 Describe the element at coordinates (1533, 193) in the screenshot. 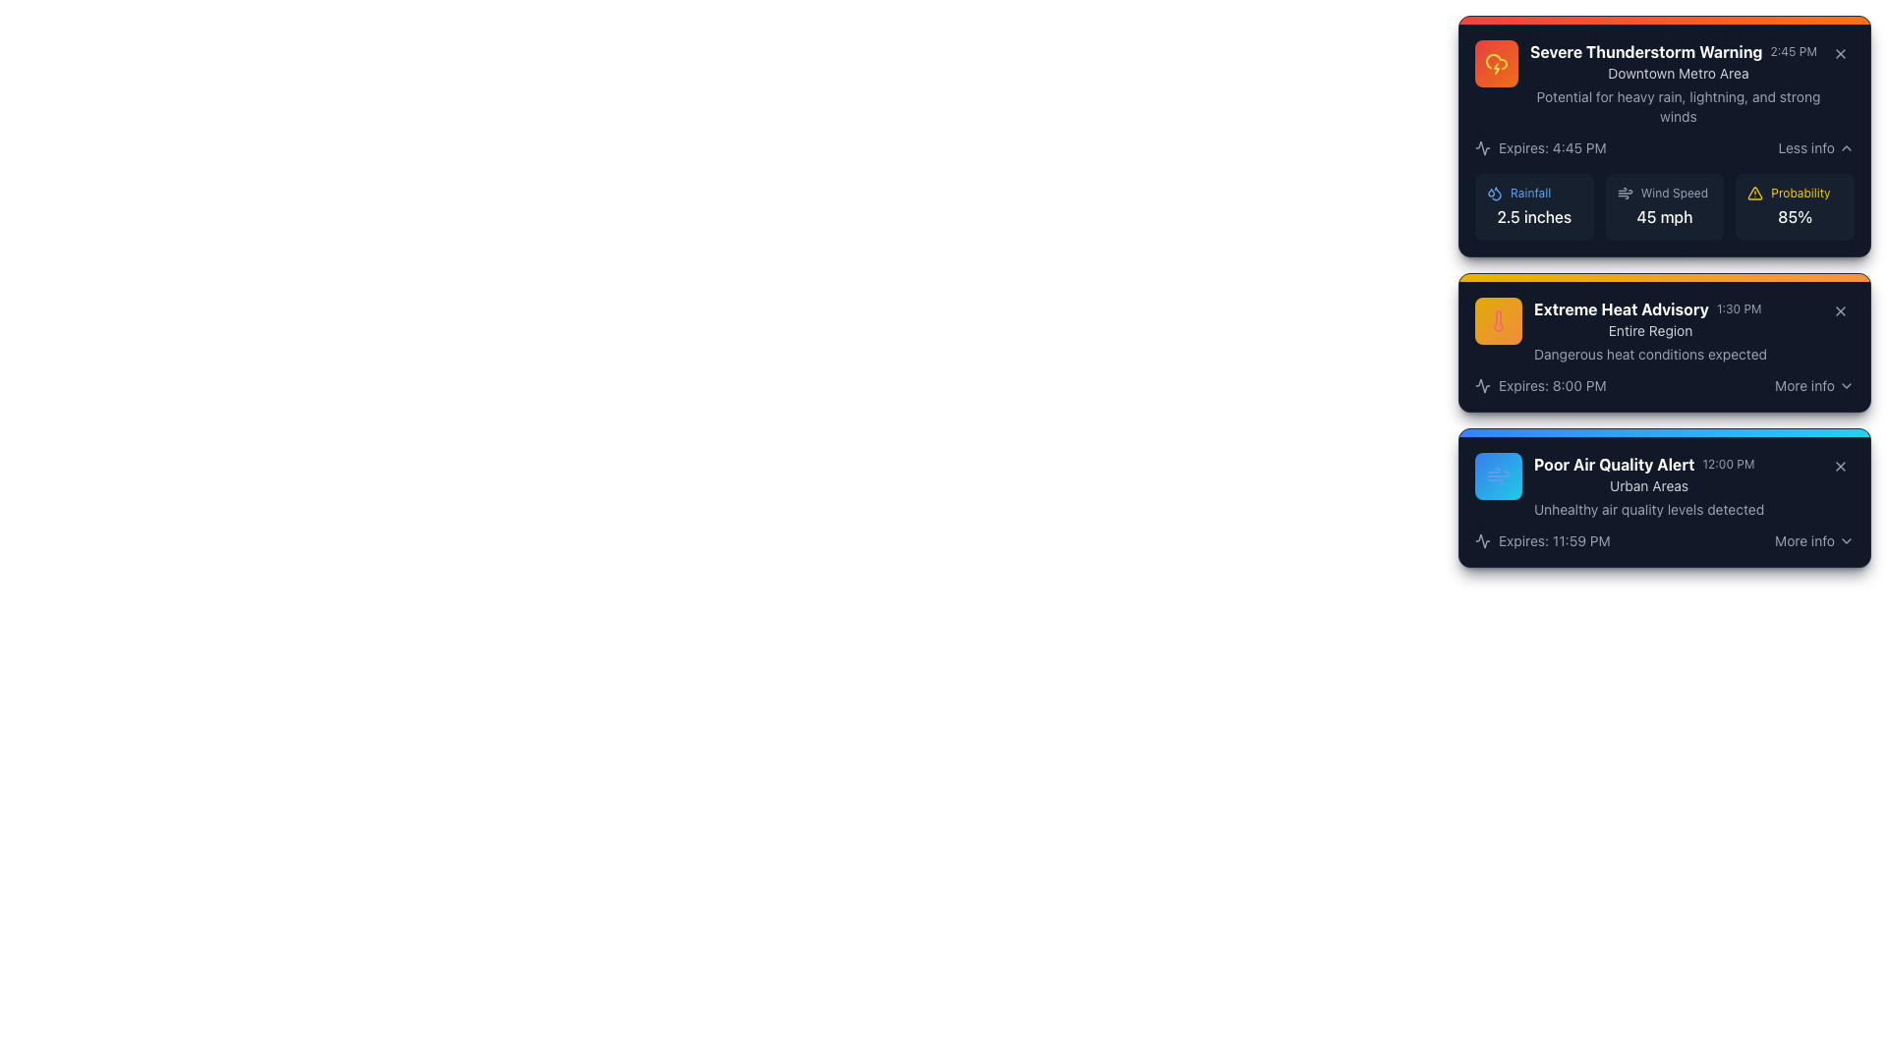

I see `static text label for precipitation information located in the upper section of the 'Severe Thunderstorm Warning' card, which indicates '2.5 inches' of rainfall` at that location.